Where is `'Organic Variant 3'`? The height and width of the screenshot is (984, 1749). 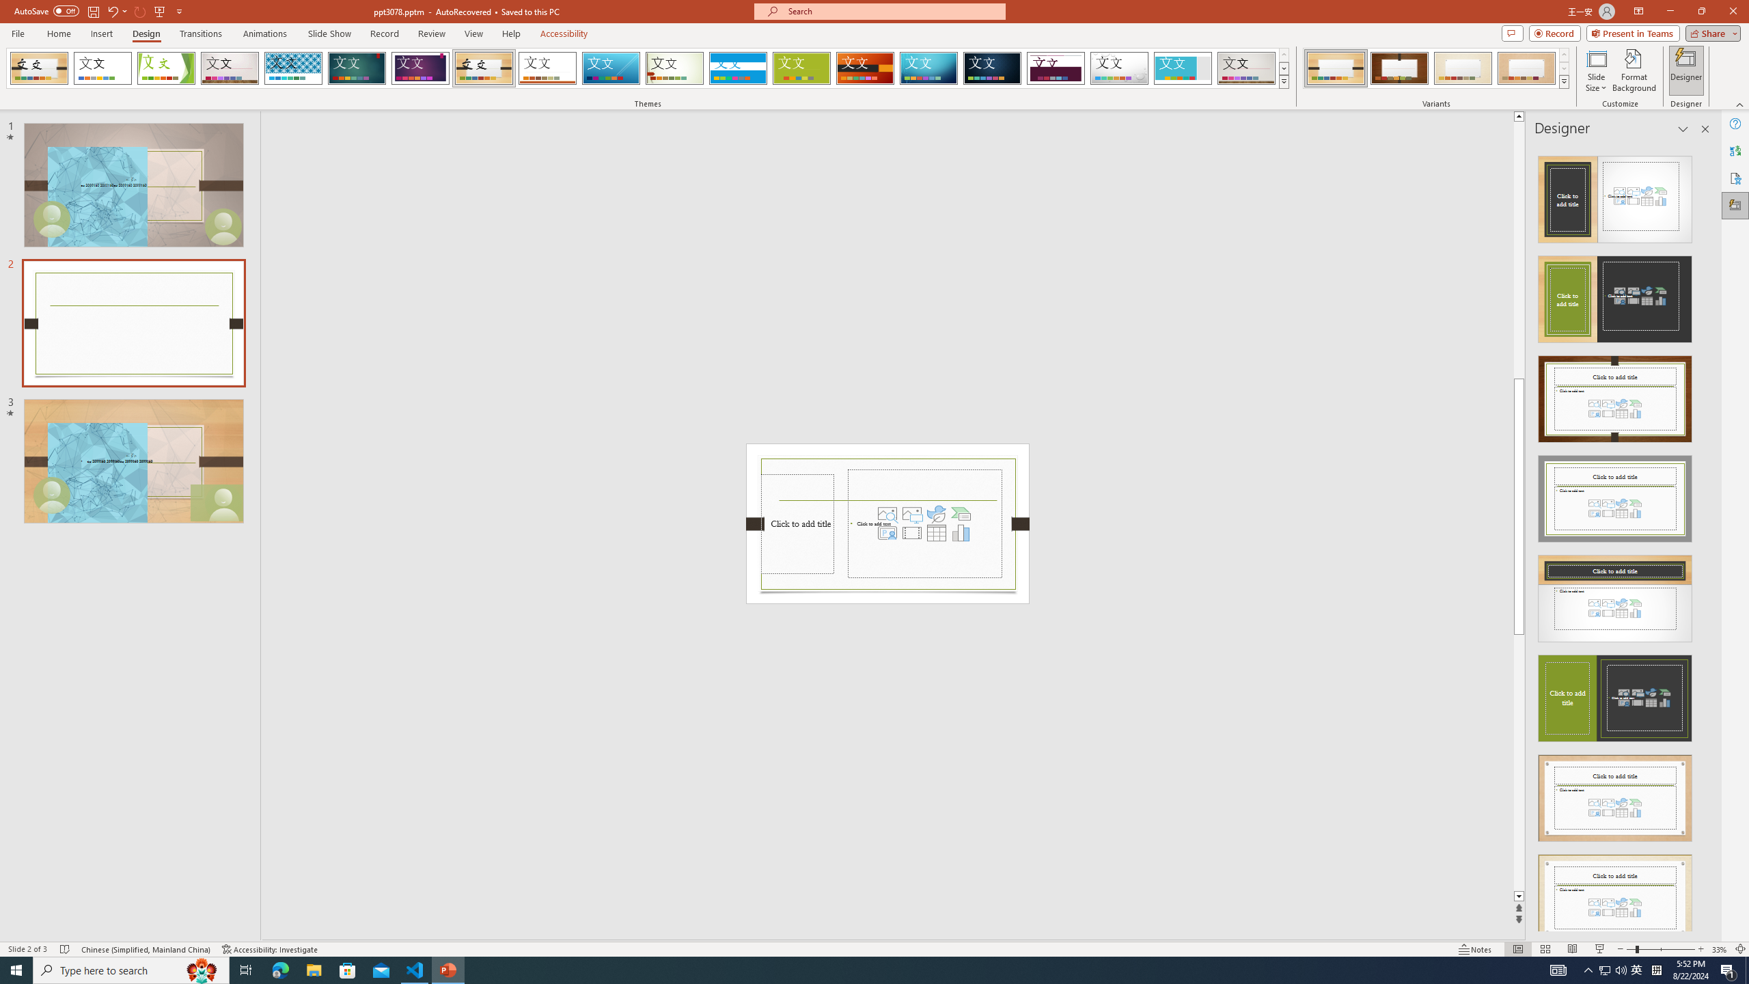 'Organic Variant 3' is located at coordinates (1462, 68).